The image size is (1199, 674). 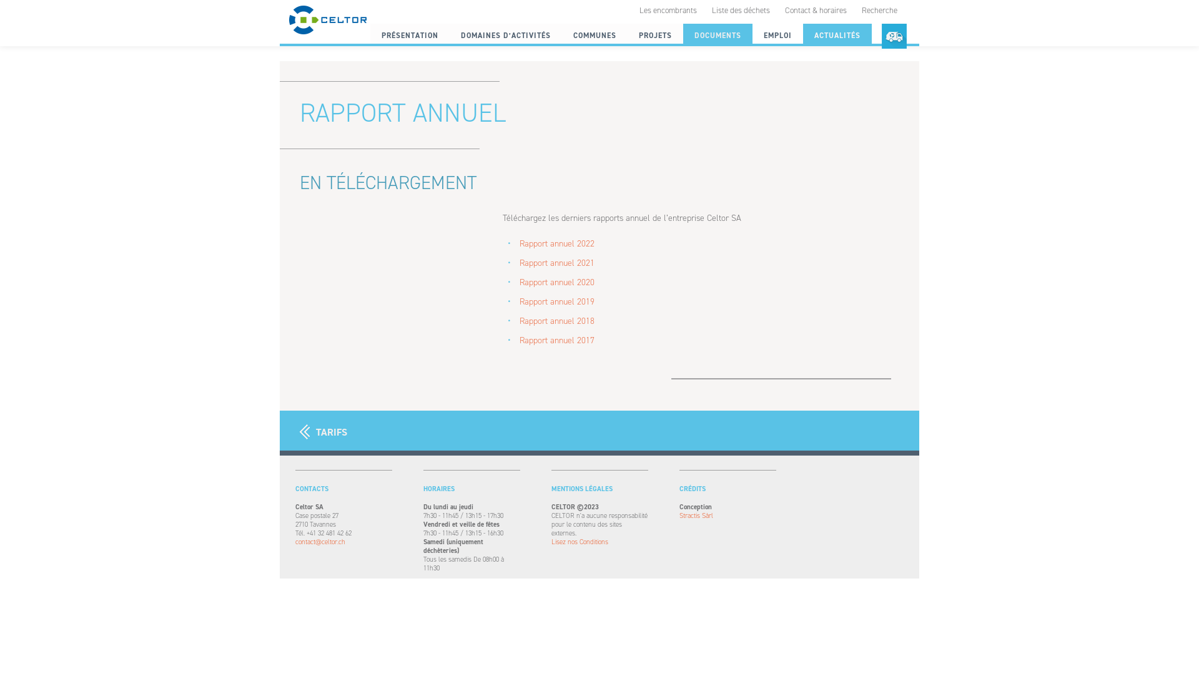 What do you see at coordinates (323, 431) in the screenshot?
I see `'TARIFS'` at bounding box center [323, 431].